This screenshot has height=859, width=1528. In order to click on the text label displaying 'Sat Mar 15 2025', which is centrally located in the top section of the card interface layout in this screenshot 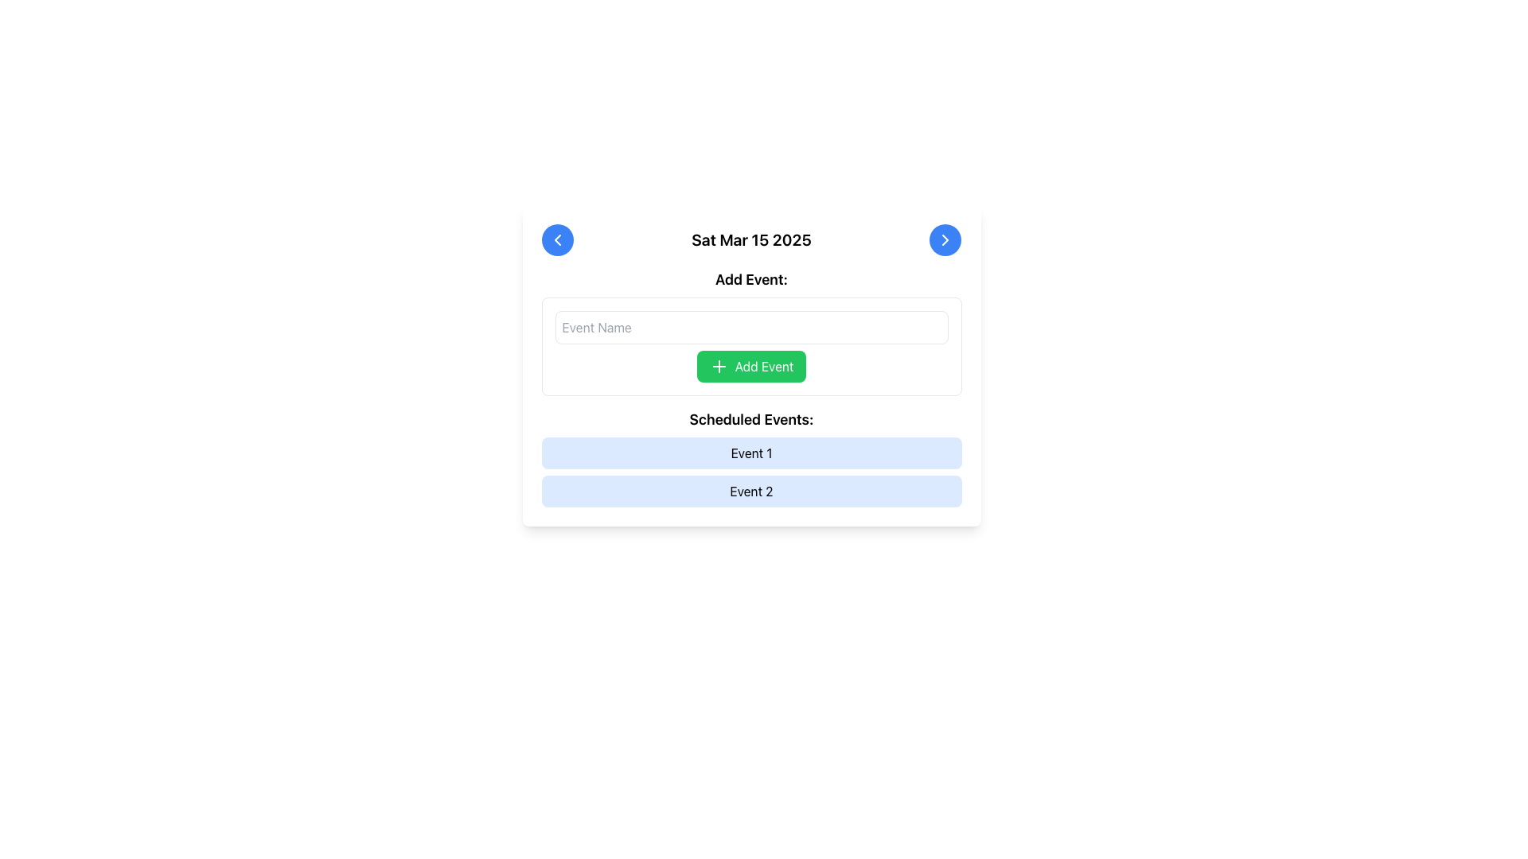, I will do `click(750, 239)`.